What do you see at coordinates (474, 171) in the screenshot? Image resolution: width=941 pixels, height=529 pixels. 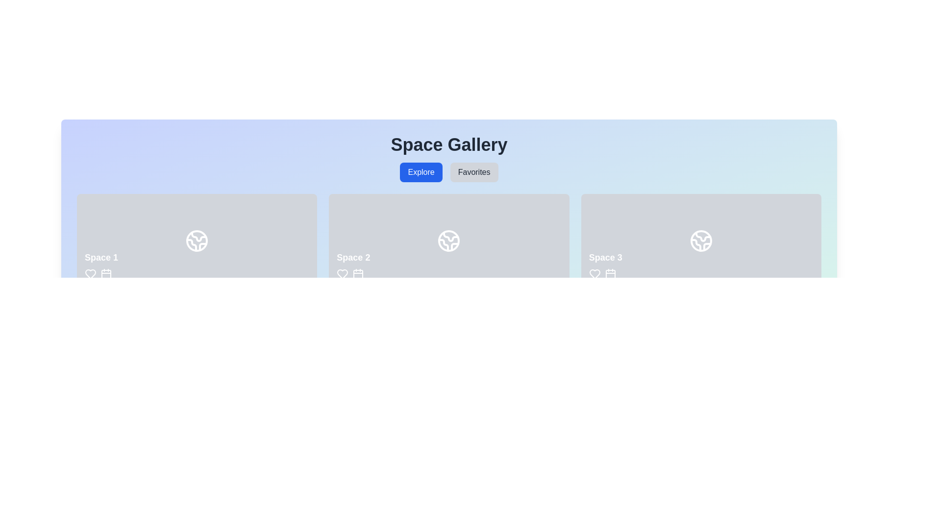 I see `the 'Favorites' button, which is a rectangular button with rounded corners, light gray background, and dark gray text, located to the right of the 'Explore' button` at bounding box center [474, 171].